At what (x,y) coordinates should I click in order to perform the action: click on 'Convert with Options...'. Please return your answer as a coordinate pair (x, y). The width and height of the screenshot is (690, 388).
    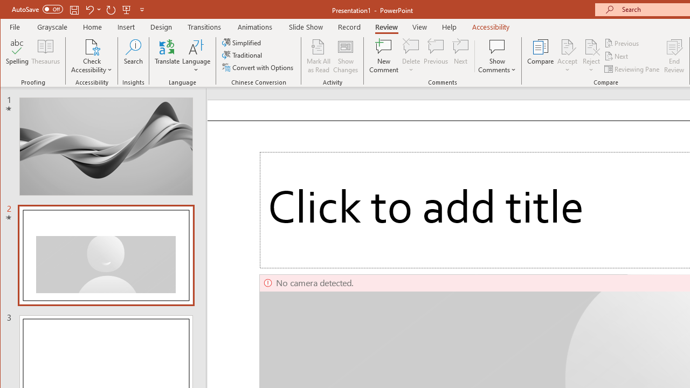
    Looking at the image, I should click on (259, 67).